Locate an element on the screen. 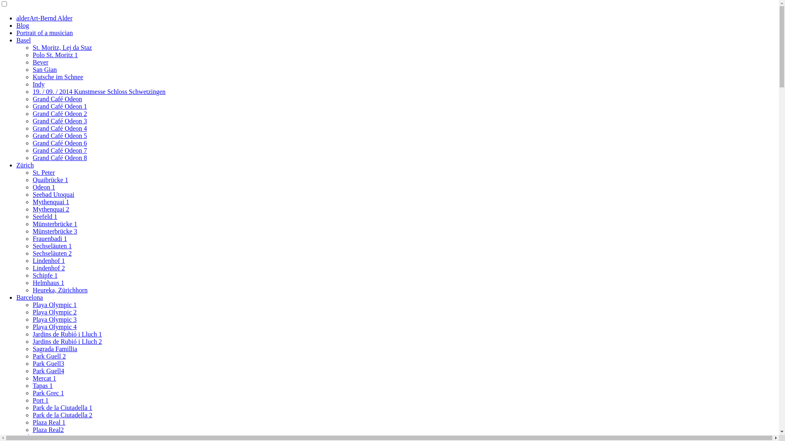  'Indy' is located at coordinates (33, 84).